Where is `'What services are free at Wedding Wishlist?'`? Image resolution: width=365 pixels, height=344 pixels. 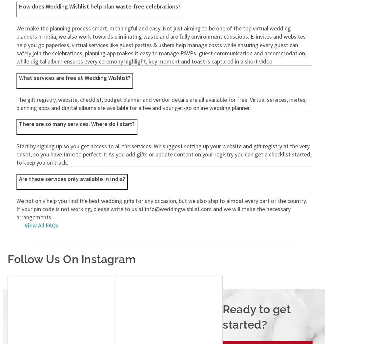 'What services are free at Wedding Wishlist?' is located at coordinates (75, 77).